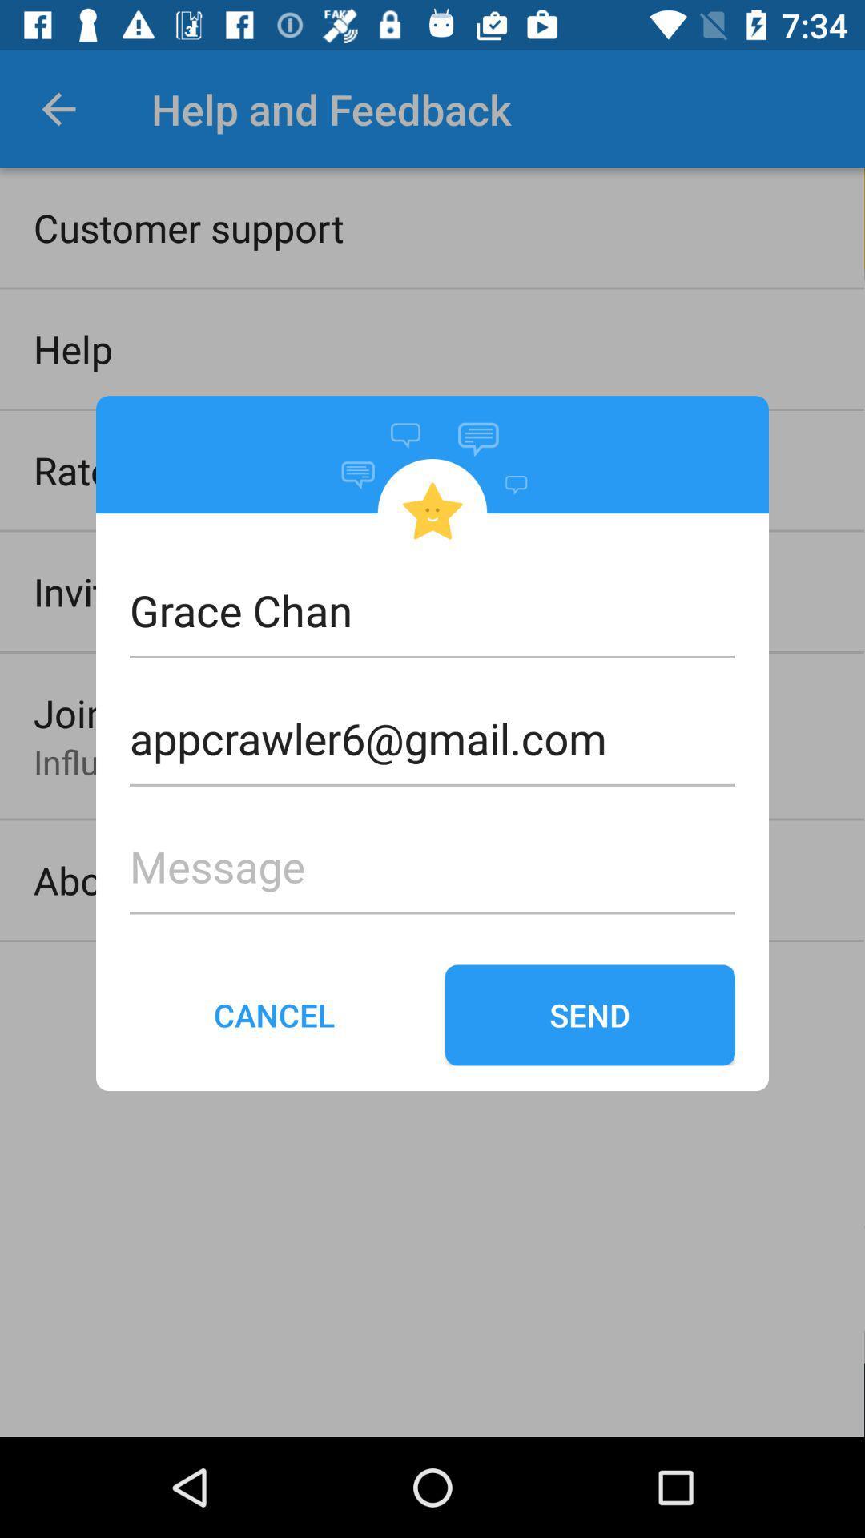  I want to click on the icon next to cancel, so click(589, 1014).